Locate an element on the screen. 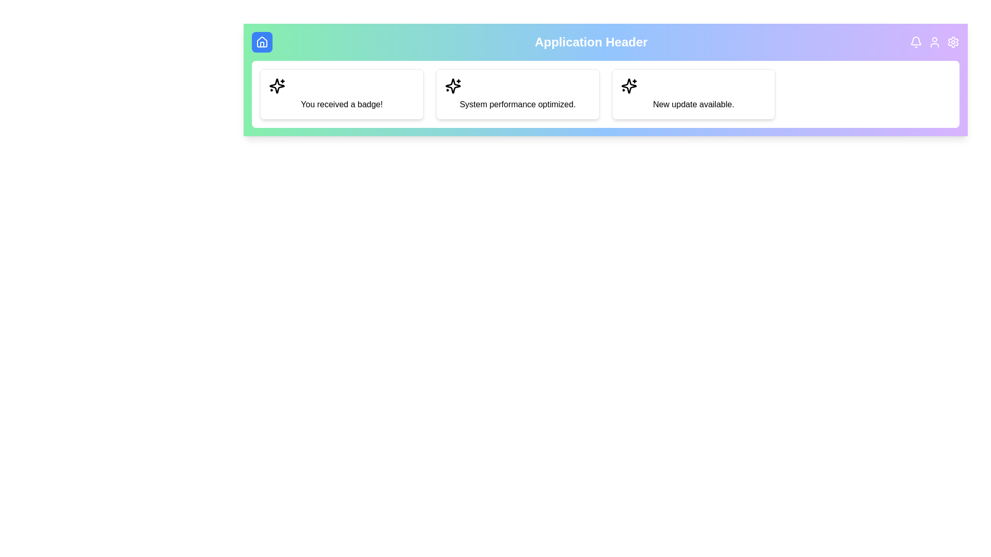  the home button to toggle the menu visibility is located at coordinates (262, 41).